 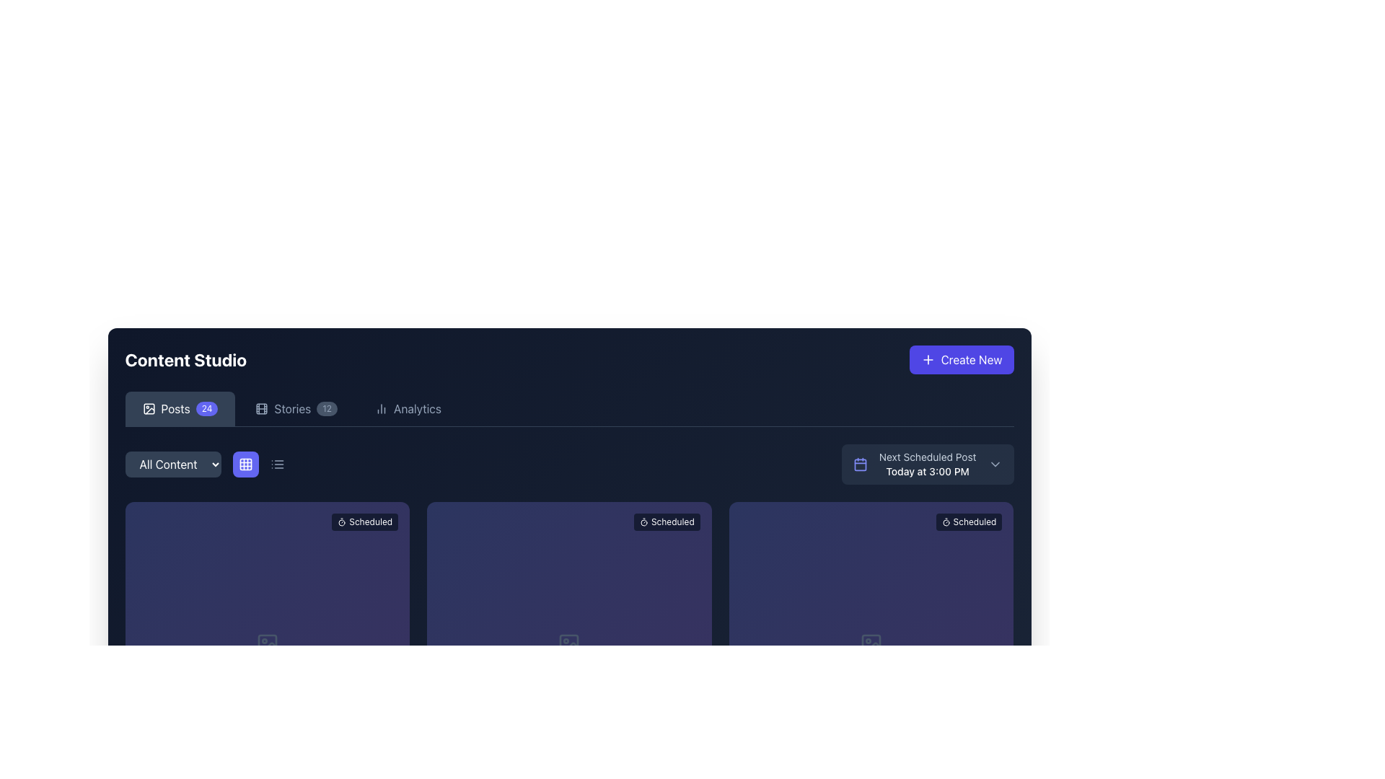 I want to click on the 'Posts' button with a dark gray background, white text, and a blue badge showing '24', so click(x=179, y=409).